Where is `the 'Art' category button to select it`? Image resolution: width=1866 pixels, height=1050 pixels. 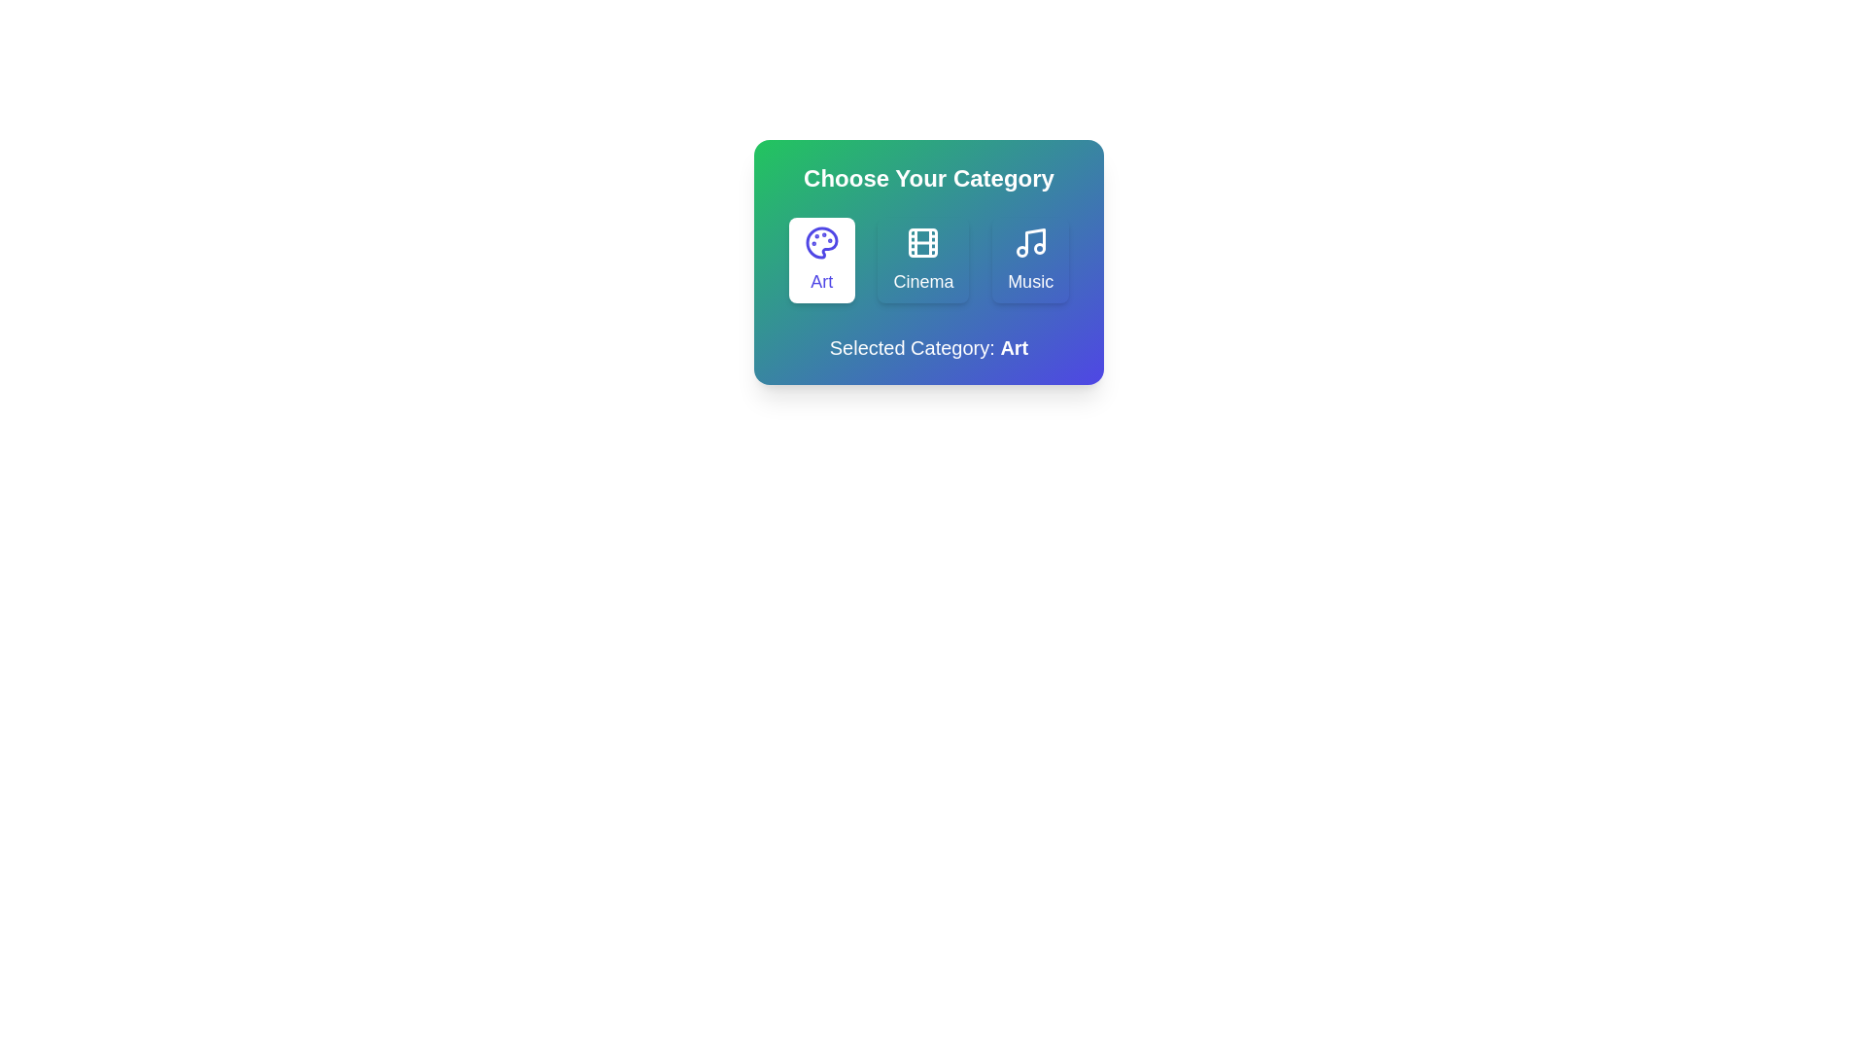 the 'Art' category button to select it is located at coordinates (821, 259).